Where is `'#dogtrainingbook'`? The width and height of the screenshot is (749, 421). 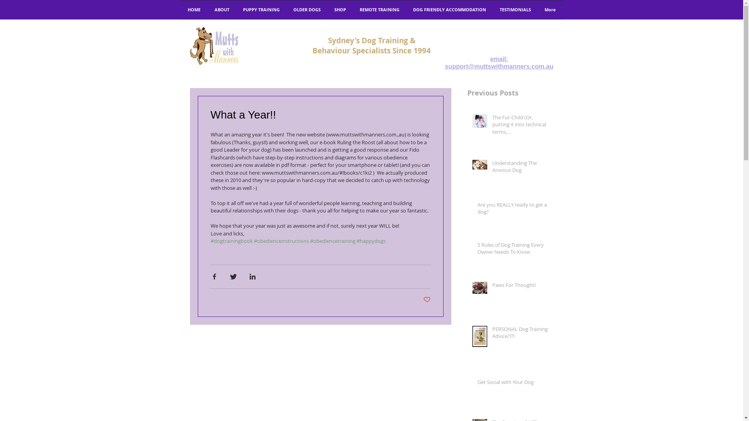
'#dogtrainingbook' is located at coordinates (231, 240).